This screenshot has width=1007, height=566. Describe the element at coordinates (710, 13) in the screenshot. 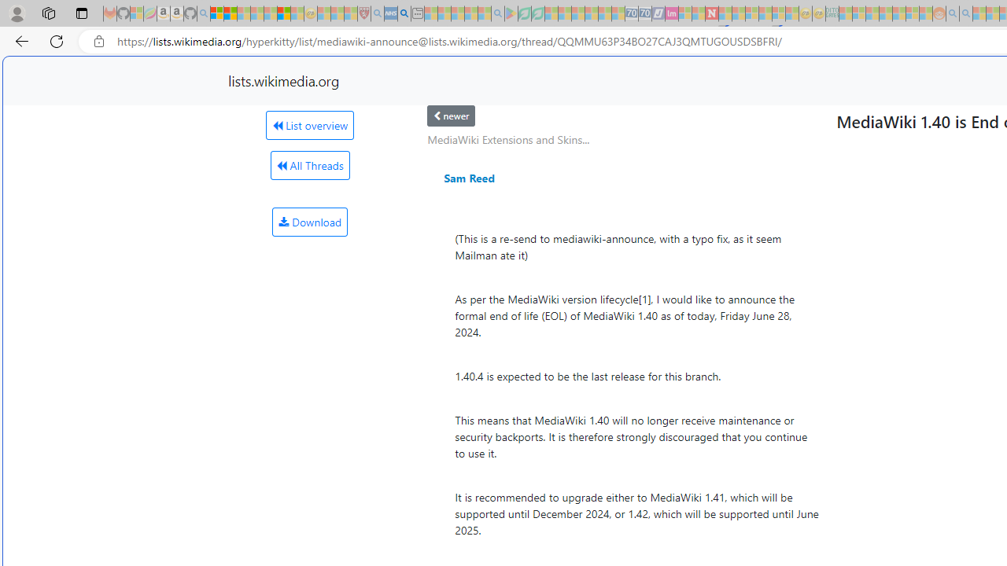

I see `'Latest Politics News & Archive | Newsweek.com - Sleeping'` at that location.